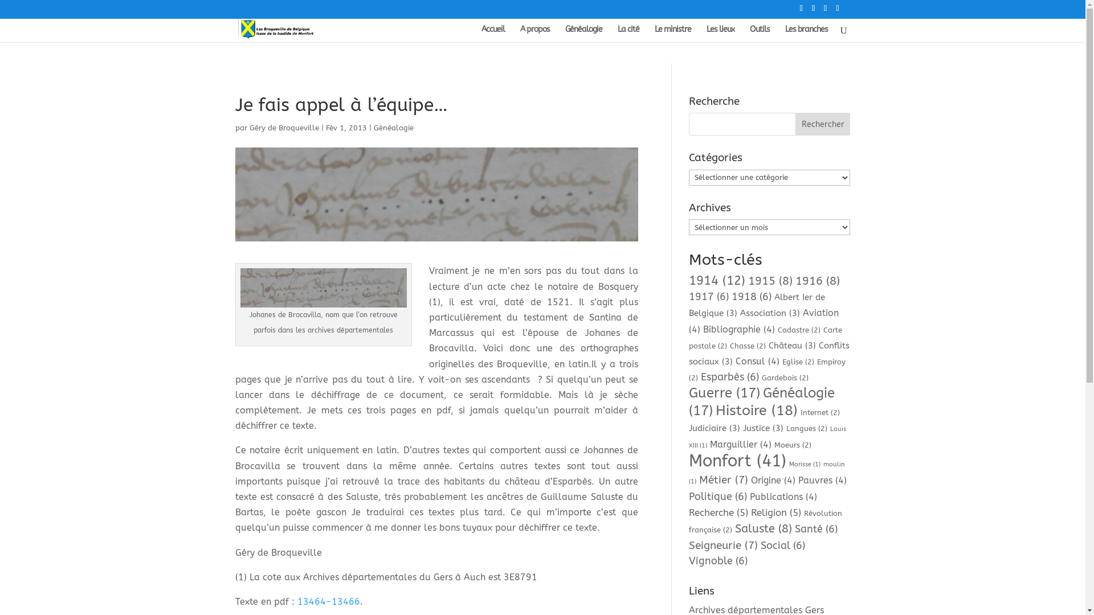 The width and height of the screenshot is (1094, 615). I want to click on 'Les branches', so click(806, 33).